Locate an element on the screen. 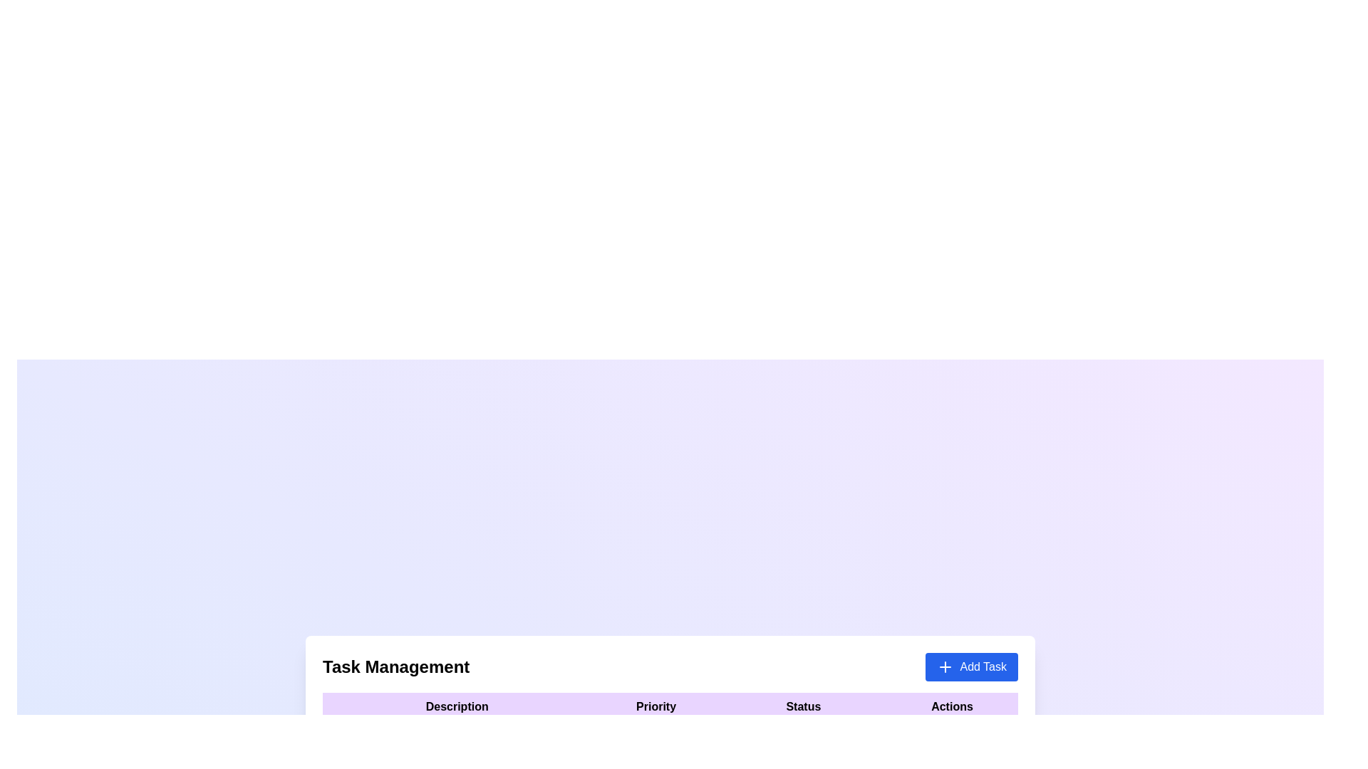 The image size is (1368, 769). the rectangular button-like component labeled 'High' in the 'Priority' column of the table, positioned between 'Design Homepage UI' and 'In Progress' is located at coordinates (655, 736).